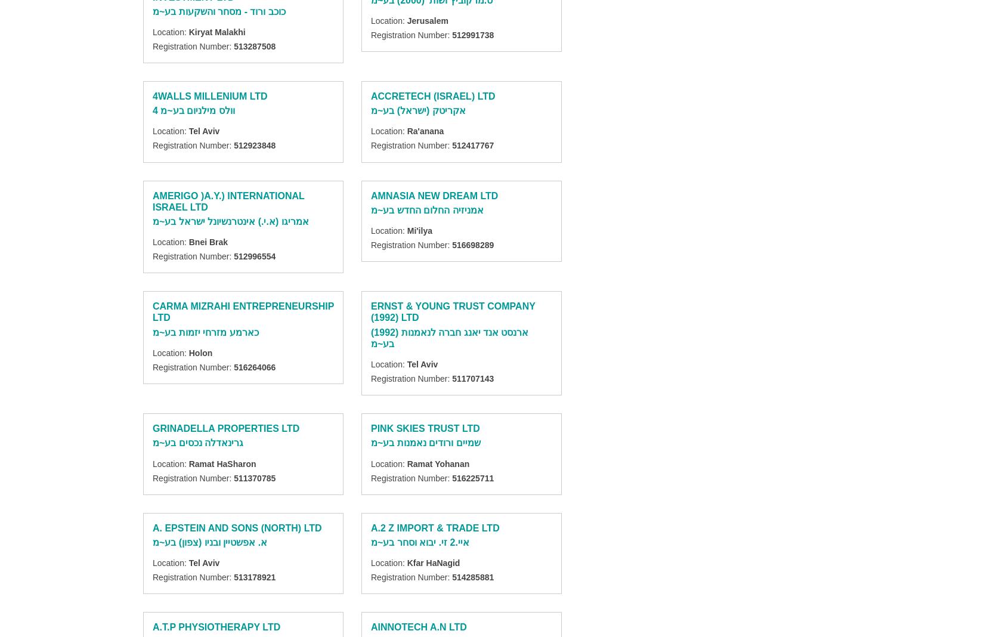  I want to click on '513287508', so click(254, 45).